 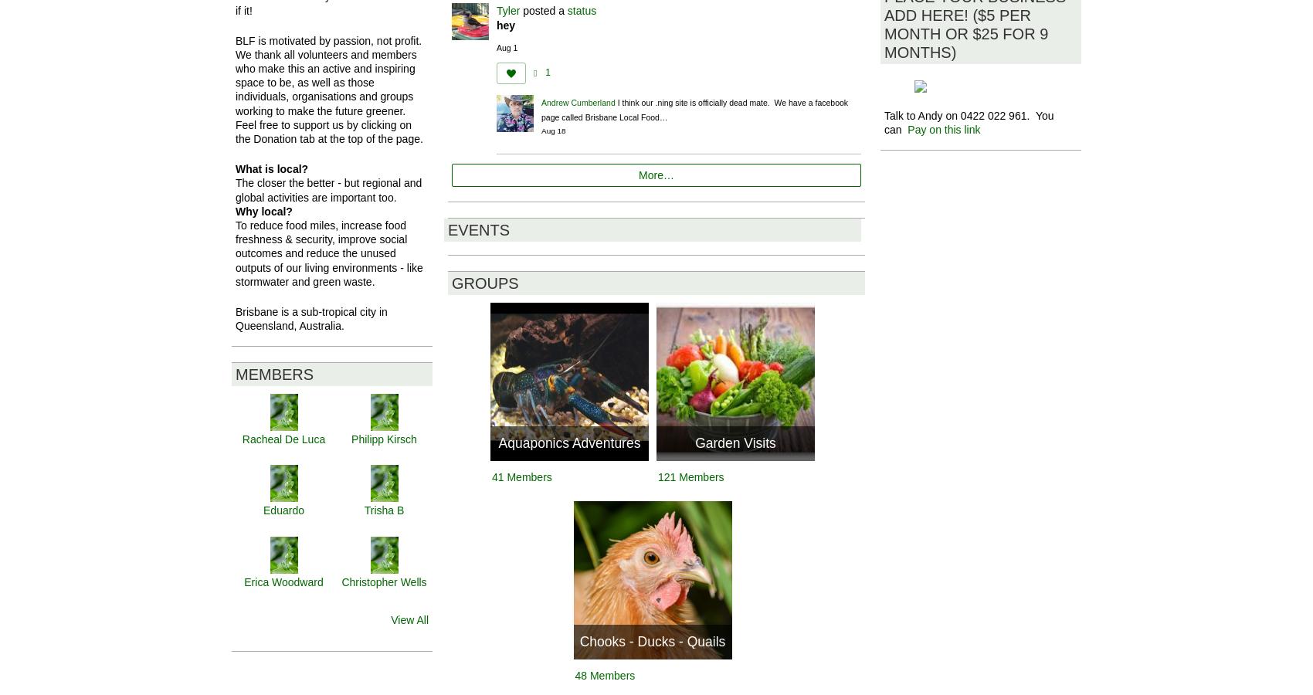 I want to click on 'Aquaponics Adventures', so click(x=497, y=442).